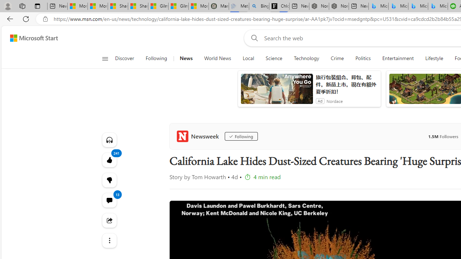  What do you see at coordinates (127, 58) in the screenshot?
I see `'Discover'` at bounding box center [127, 58].